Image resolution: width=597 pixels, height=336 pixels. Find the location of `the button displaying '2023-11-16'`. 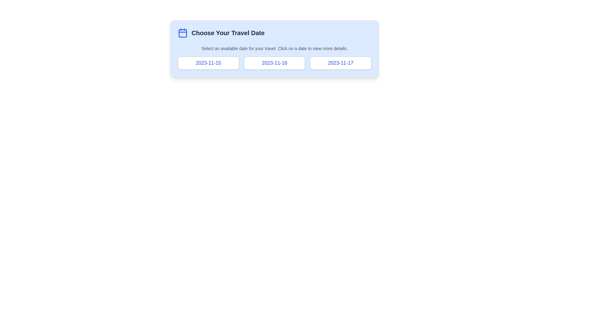

the button displaying '2023-11-16' is located at coordinates (274, 63).